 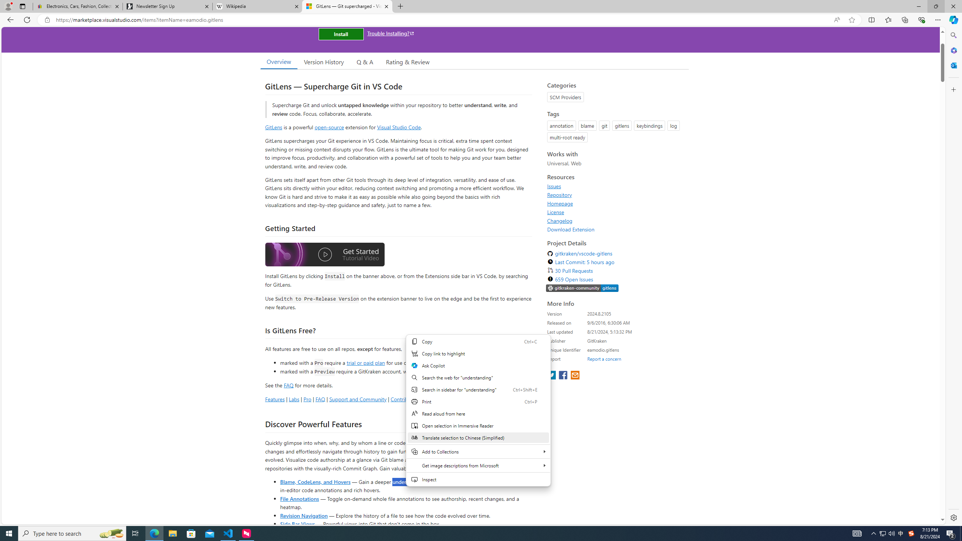 What do you see at coordinates (299, 498) in the screenshot?
I see `'File Annotations'` at bounding box center [299, 498].